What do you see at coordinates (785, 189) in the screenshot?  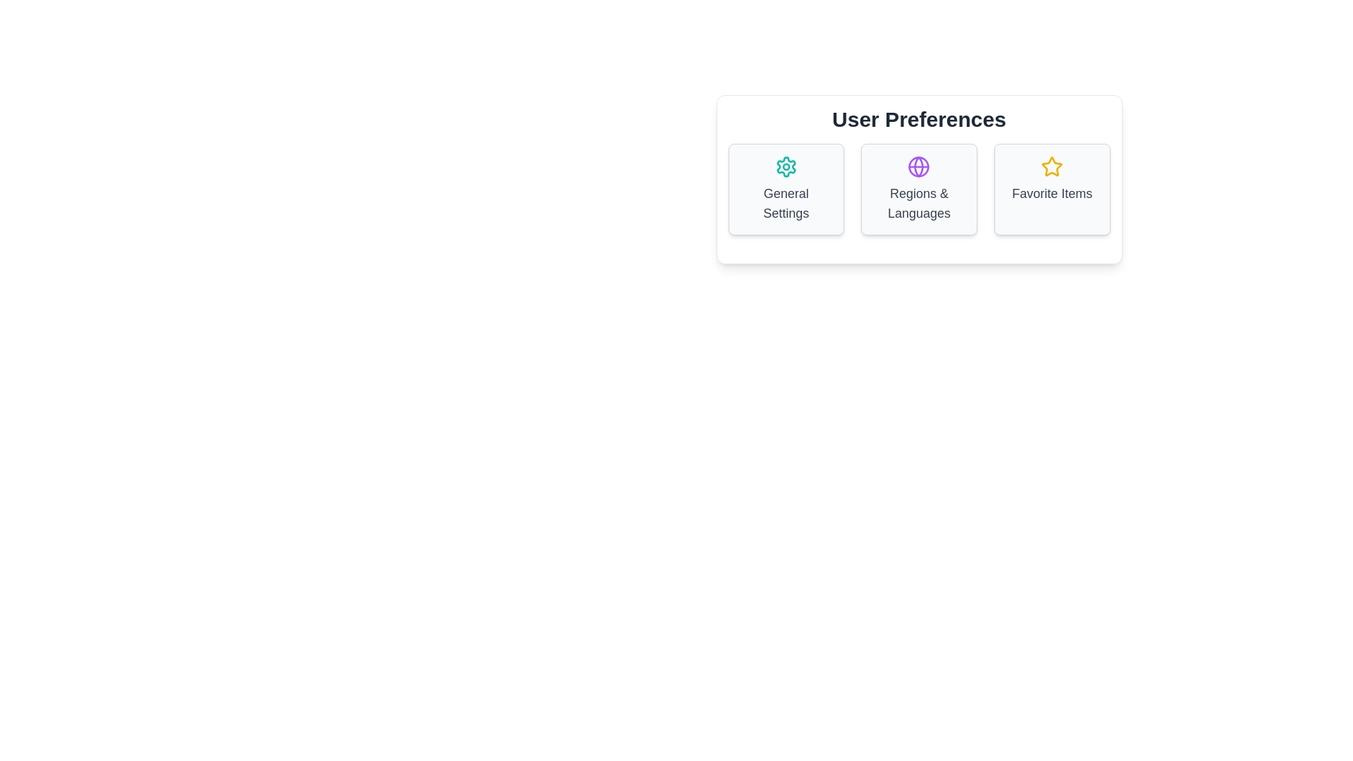 I see `the 'General Settings' button` at bounding box center [785, 189].